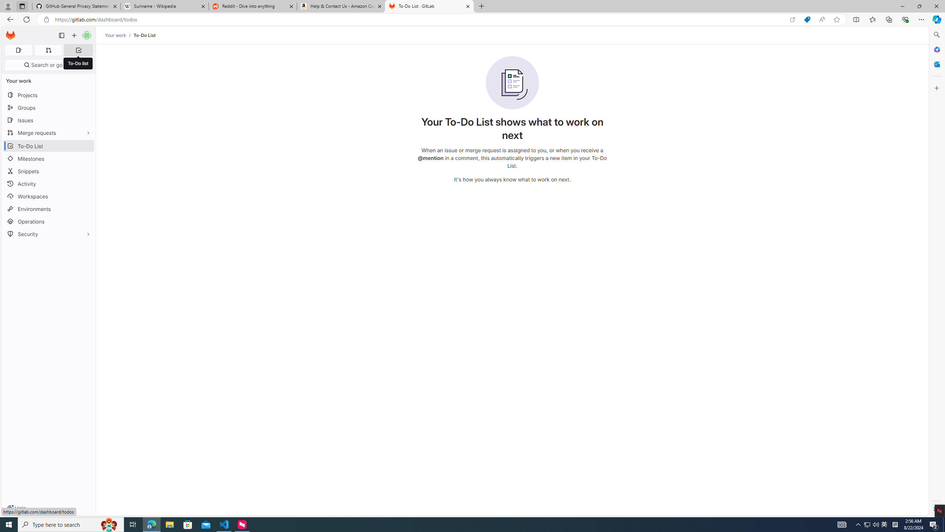 The height and width of the screenshot is (532, 945). What do you see at coordinates (48, 171) in the screenshot?
I see `'Snippets'` at bounding box center [48, 171].